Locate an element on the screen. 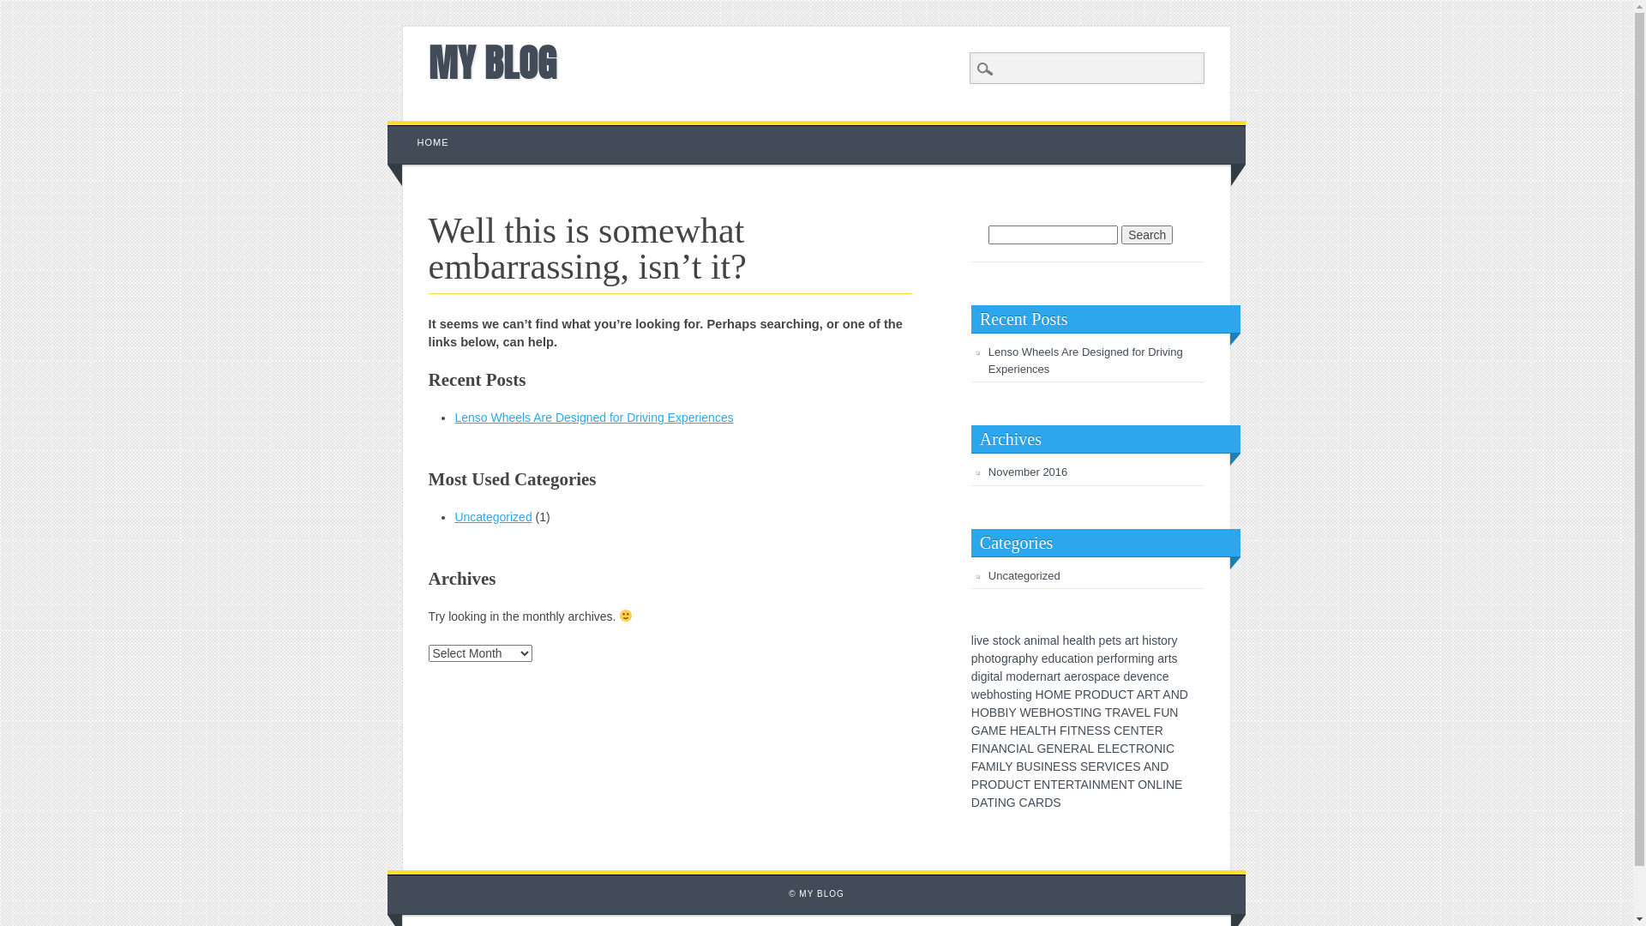 The height and width of the screenshot is (926, 1646). 't' is located at coordinates (1074, 657).